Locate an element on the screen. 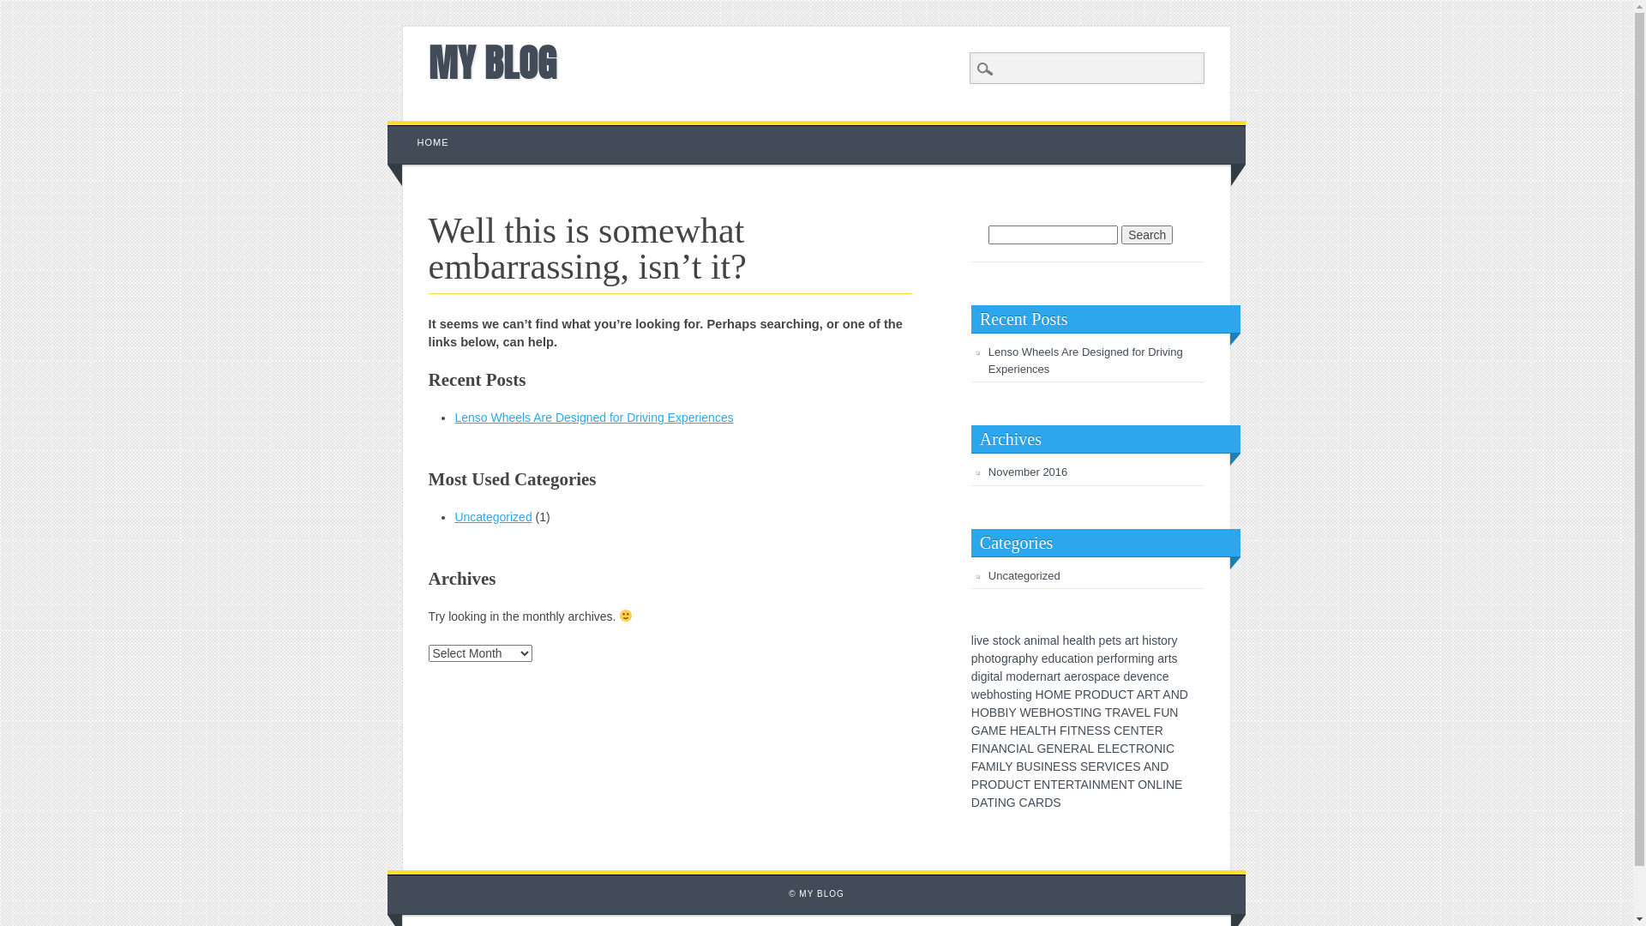 The height and width of the screenshot is (926, 1646). 't' is located at coordinates (1074, 657).